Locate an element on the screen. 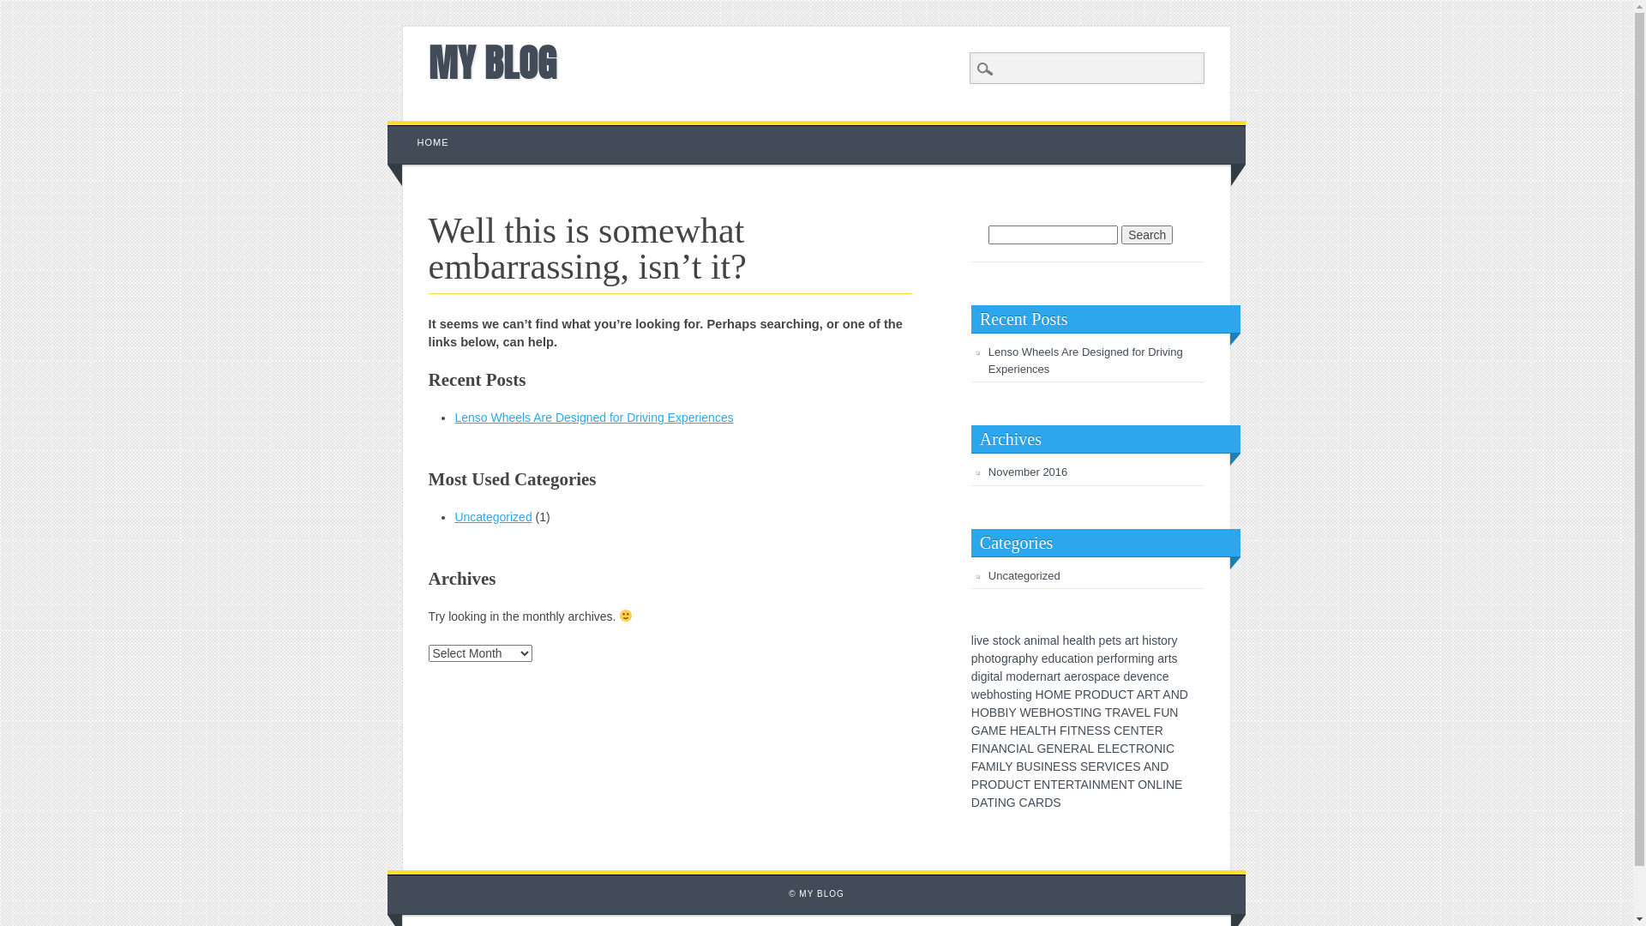 The height and width of the screenshot is (926, 1646). 't' is located at coordinates (1074, 657).